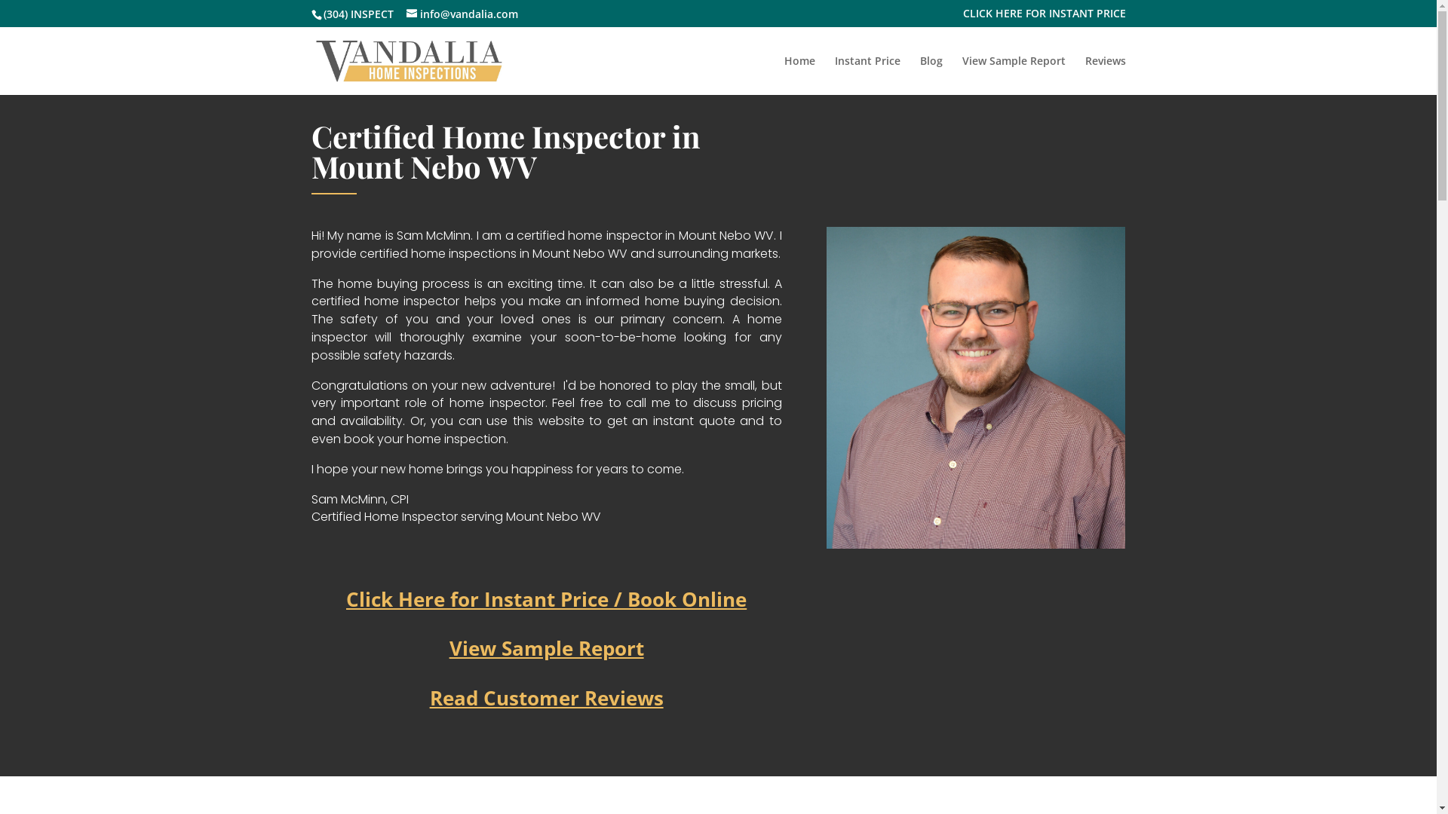  What do you see at coordinates (1042, 17) in the screenshot?
I see `'CLICK HERE FOR INSTANT PRICE'` at bounding box center [1042, 17].